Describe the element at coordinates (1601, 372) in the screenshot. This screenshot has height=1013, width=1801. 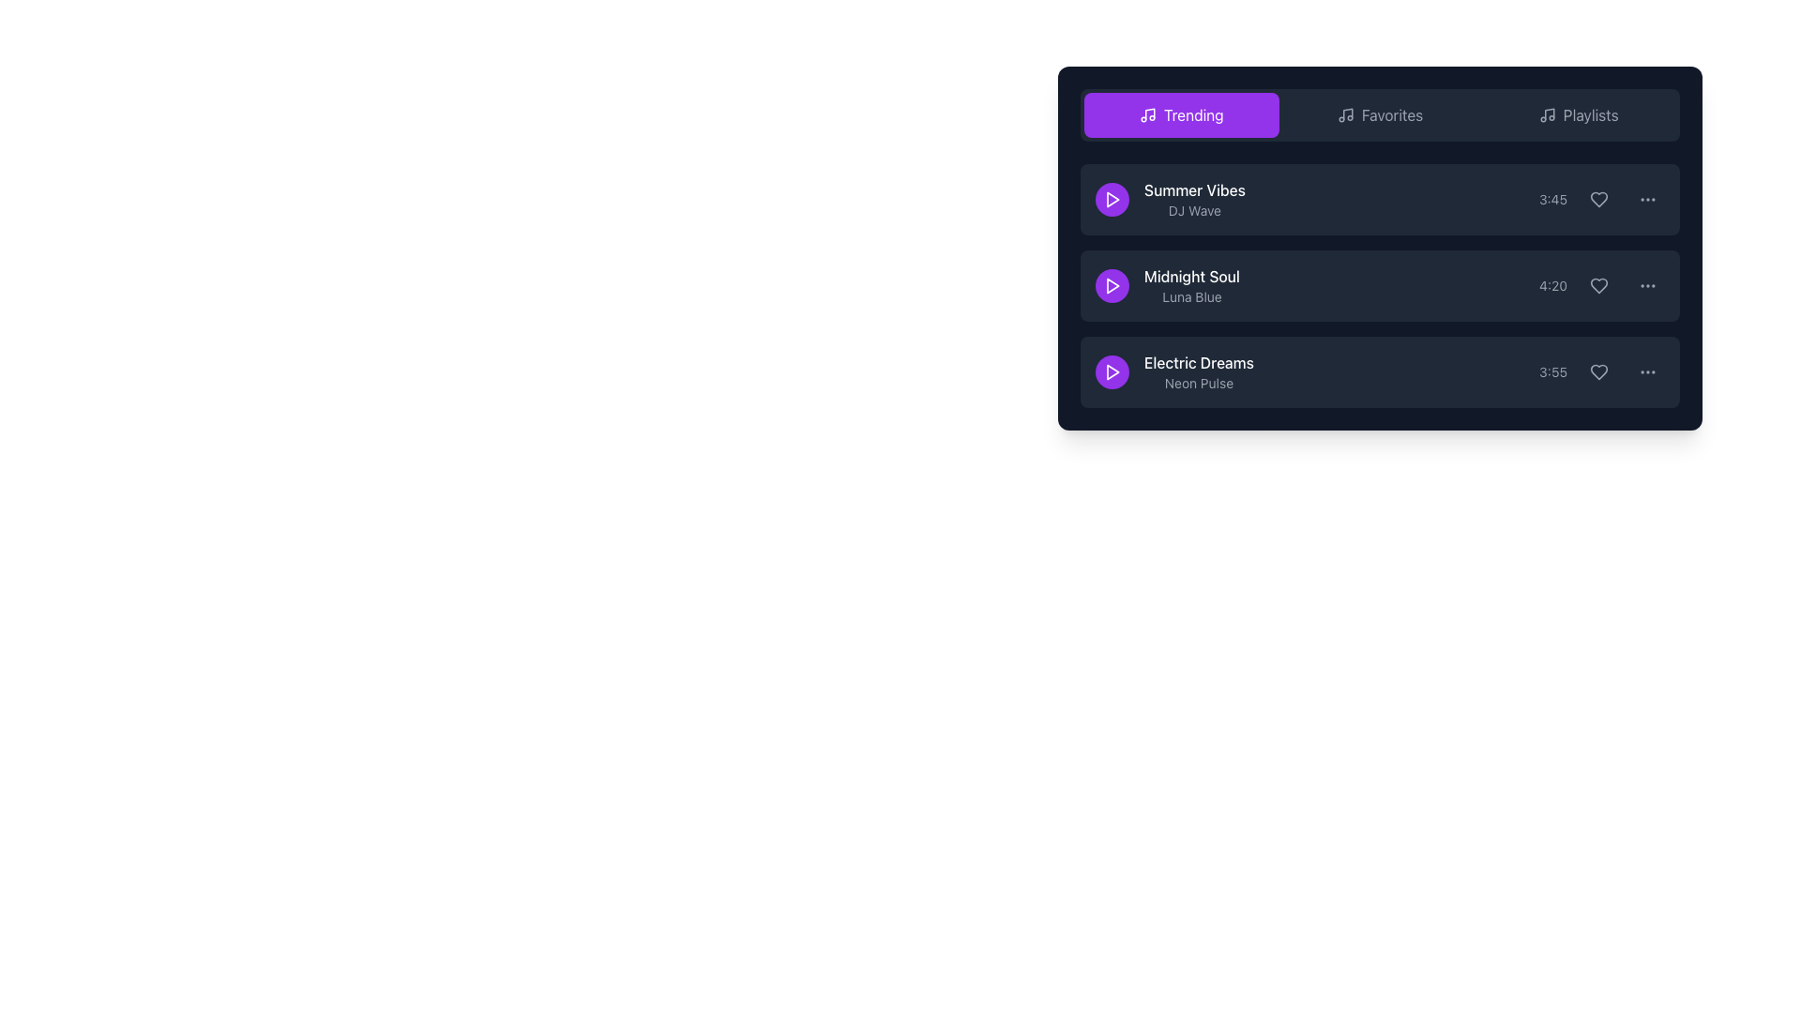
I see `the heart icon located at the end of the row labeled 'Electric Dreams - Neon Pulse', adjacent to the '3:55' timestamp, for additional options` at that location.